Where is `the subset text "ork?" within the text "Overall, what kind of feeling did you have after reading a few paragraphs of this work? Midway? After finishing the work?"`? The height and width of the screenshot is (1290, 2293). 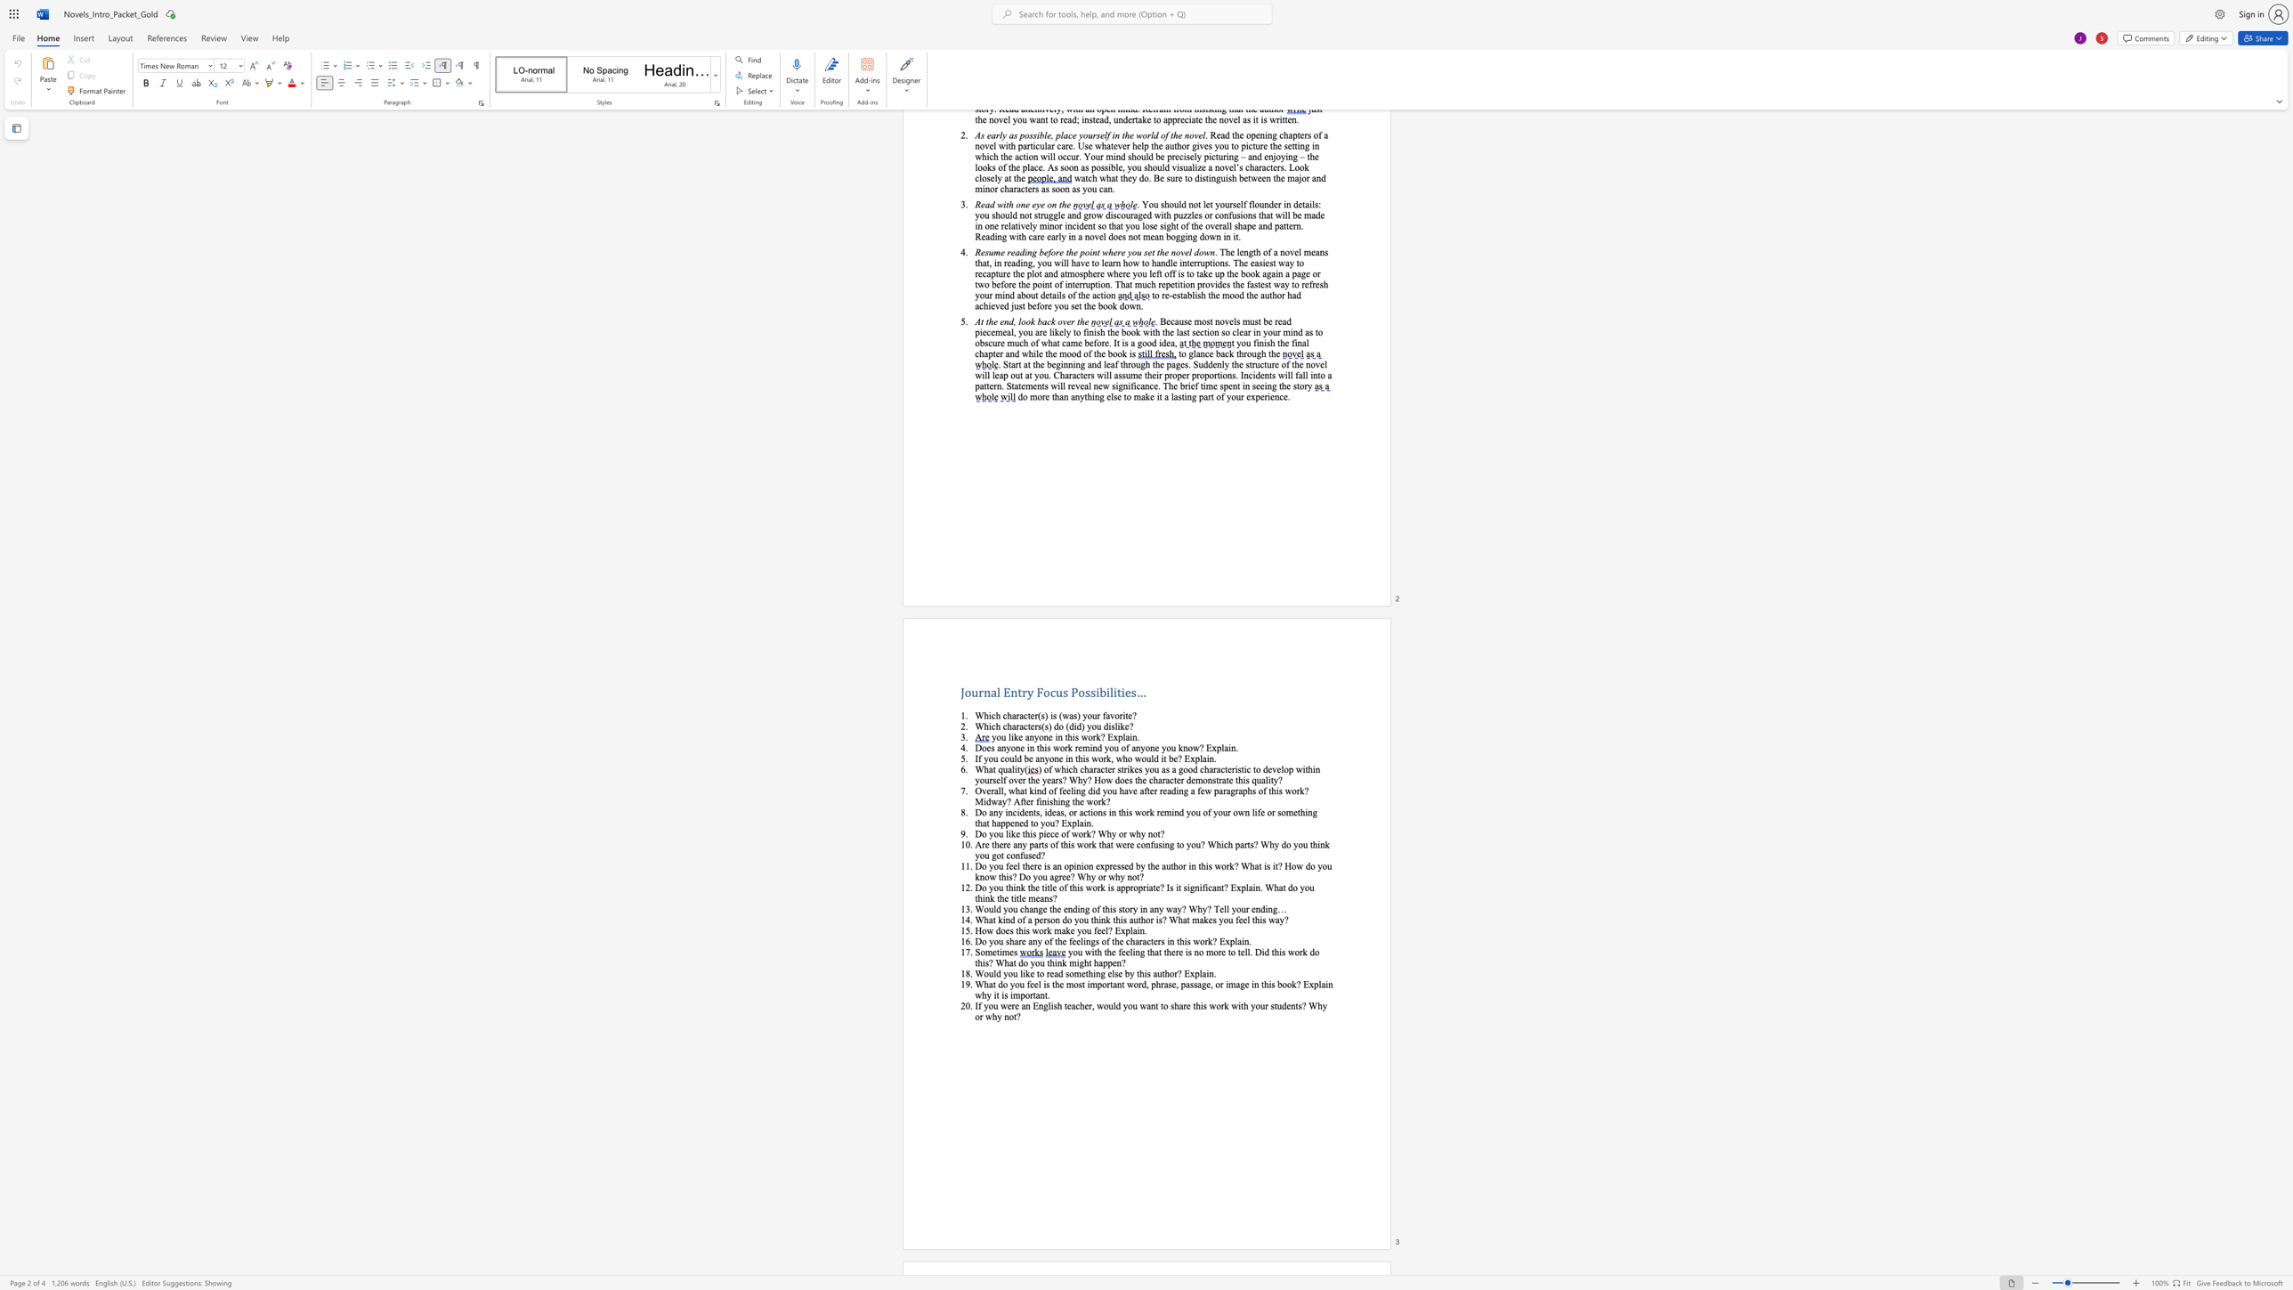 the subset text "ork?" within the text "Overall, what kind of feeling did you have after reading a few paragraphs of this work? Midway? After finishing the work?" is located at coordinates (1093, 801).